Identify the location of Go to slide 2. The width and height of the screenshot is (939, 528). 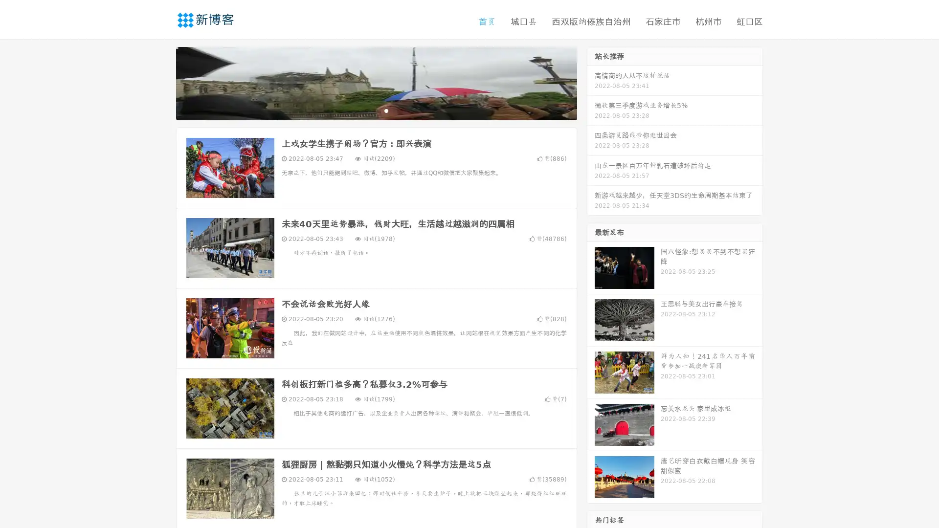
(376, 110).